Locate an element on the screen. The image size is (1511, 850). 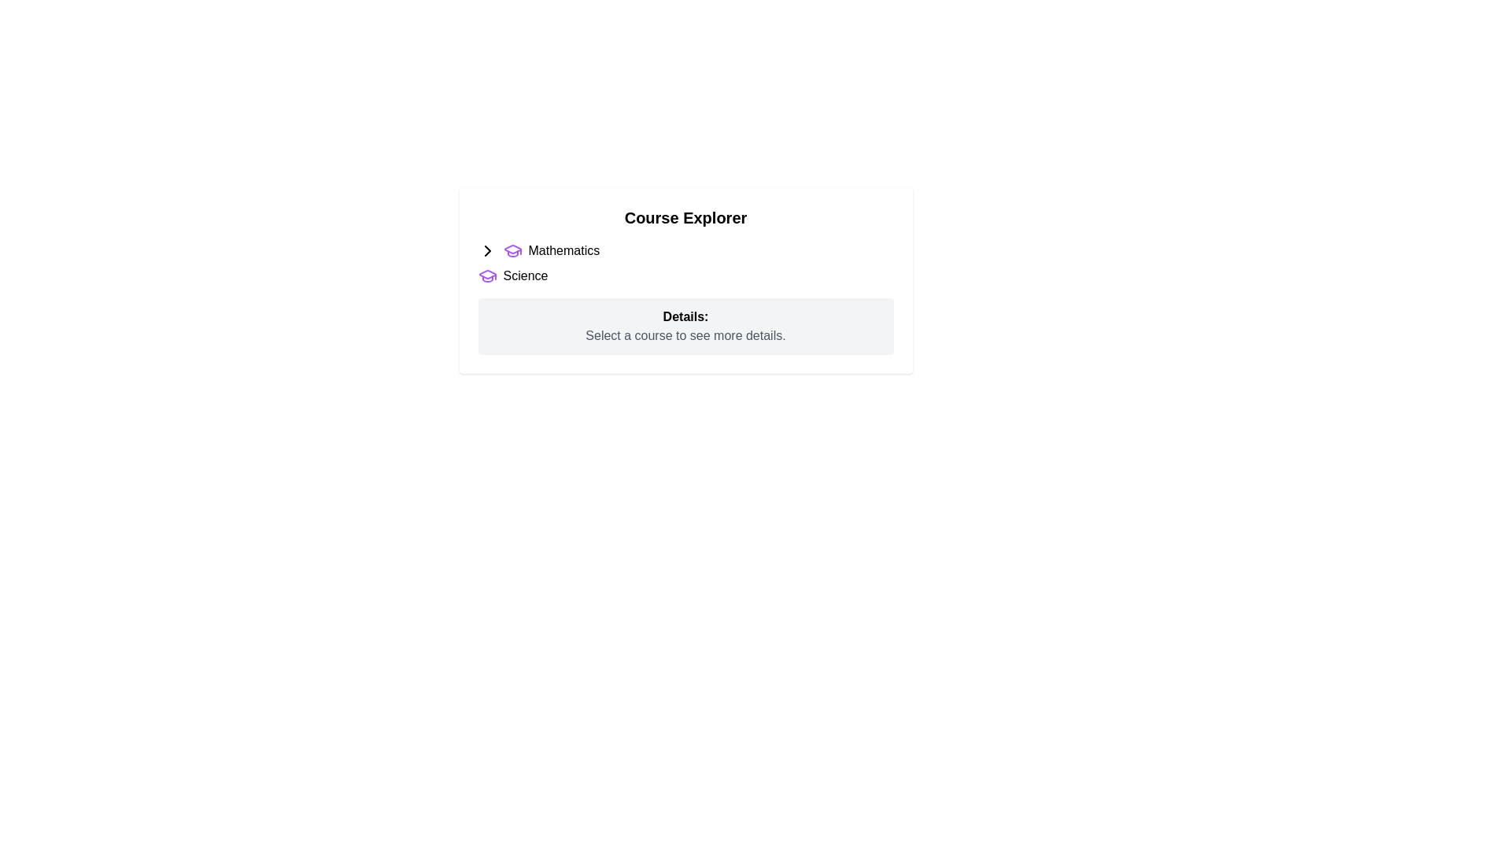
the rightward-facing chevron icon with a thin, dark outline, located adjacent to the text labeled 'Mathematics' is located at coordinates (486, 250).